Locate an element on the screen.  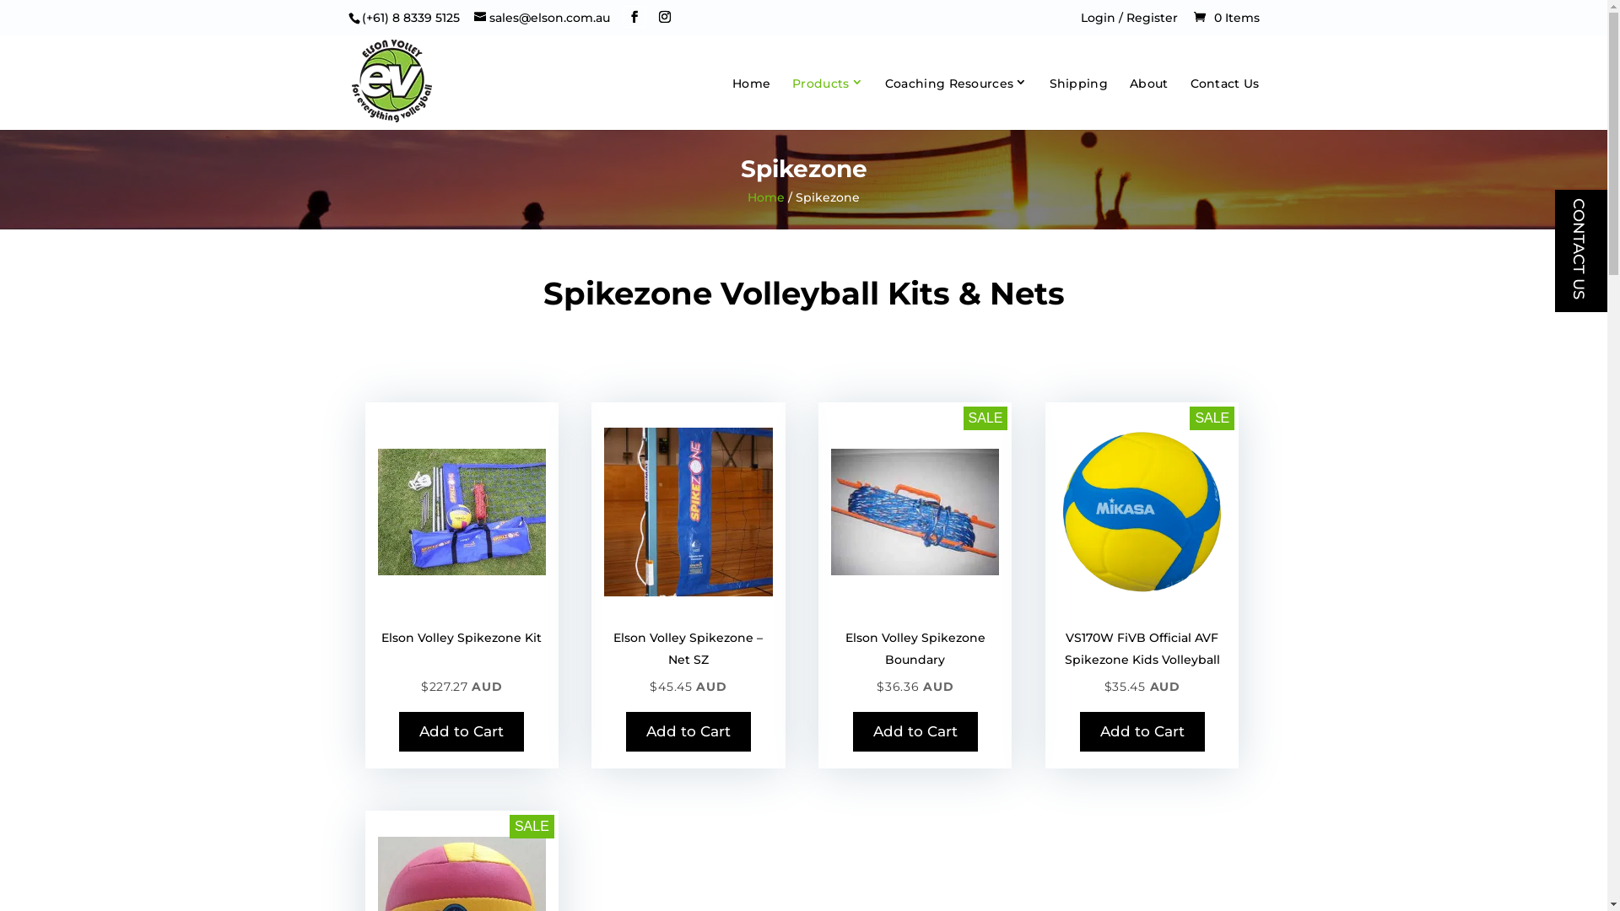
'(+61) 8 8339 5125' is located at coordinates (359, 17).